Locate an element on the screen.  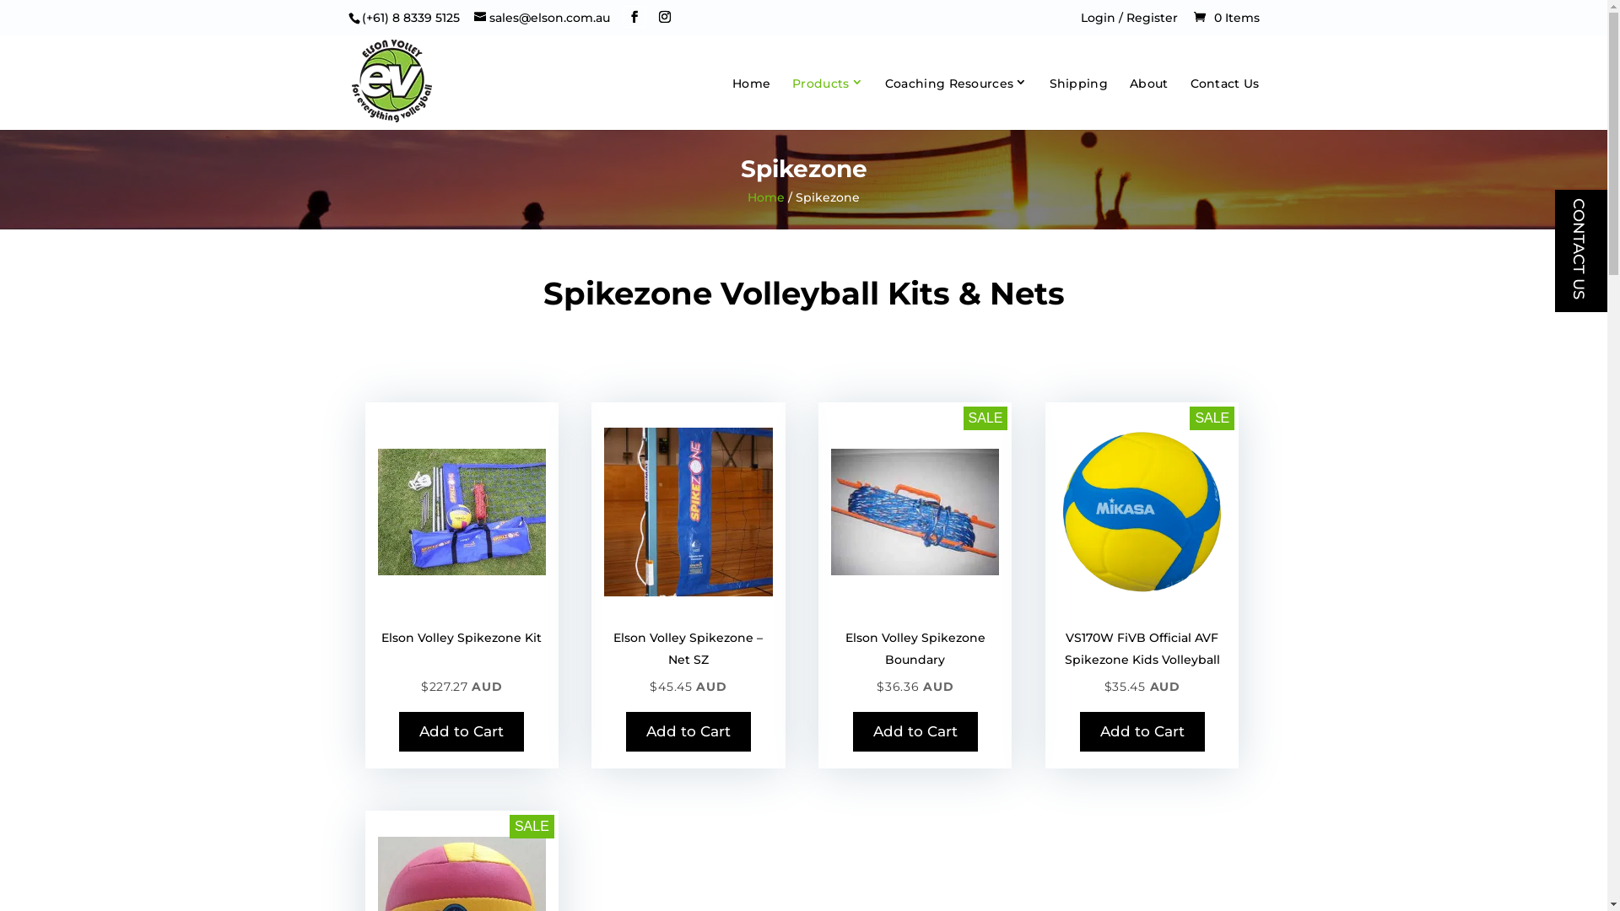
'(+61) 8 8339 5125' is located at coordinates (359, 17).